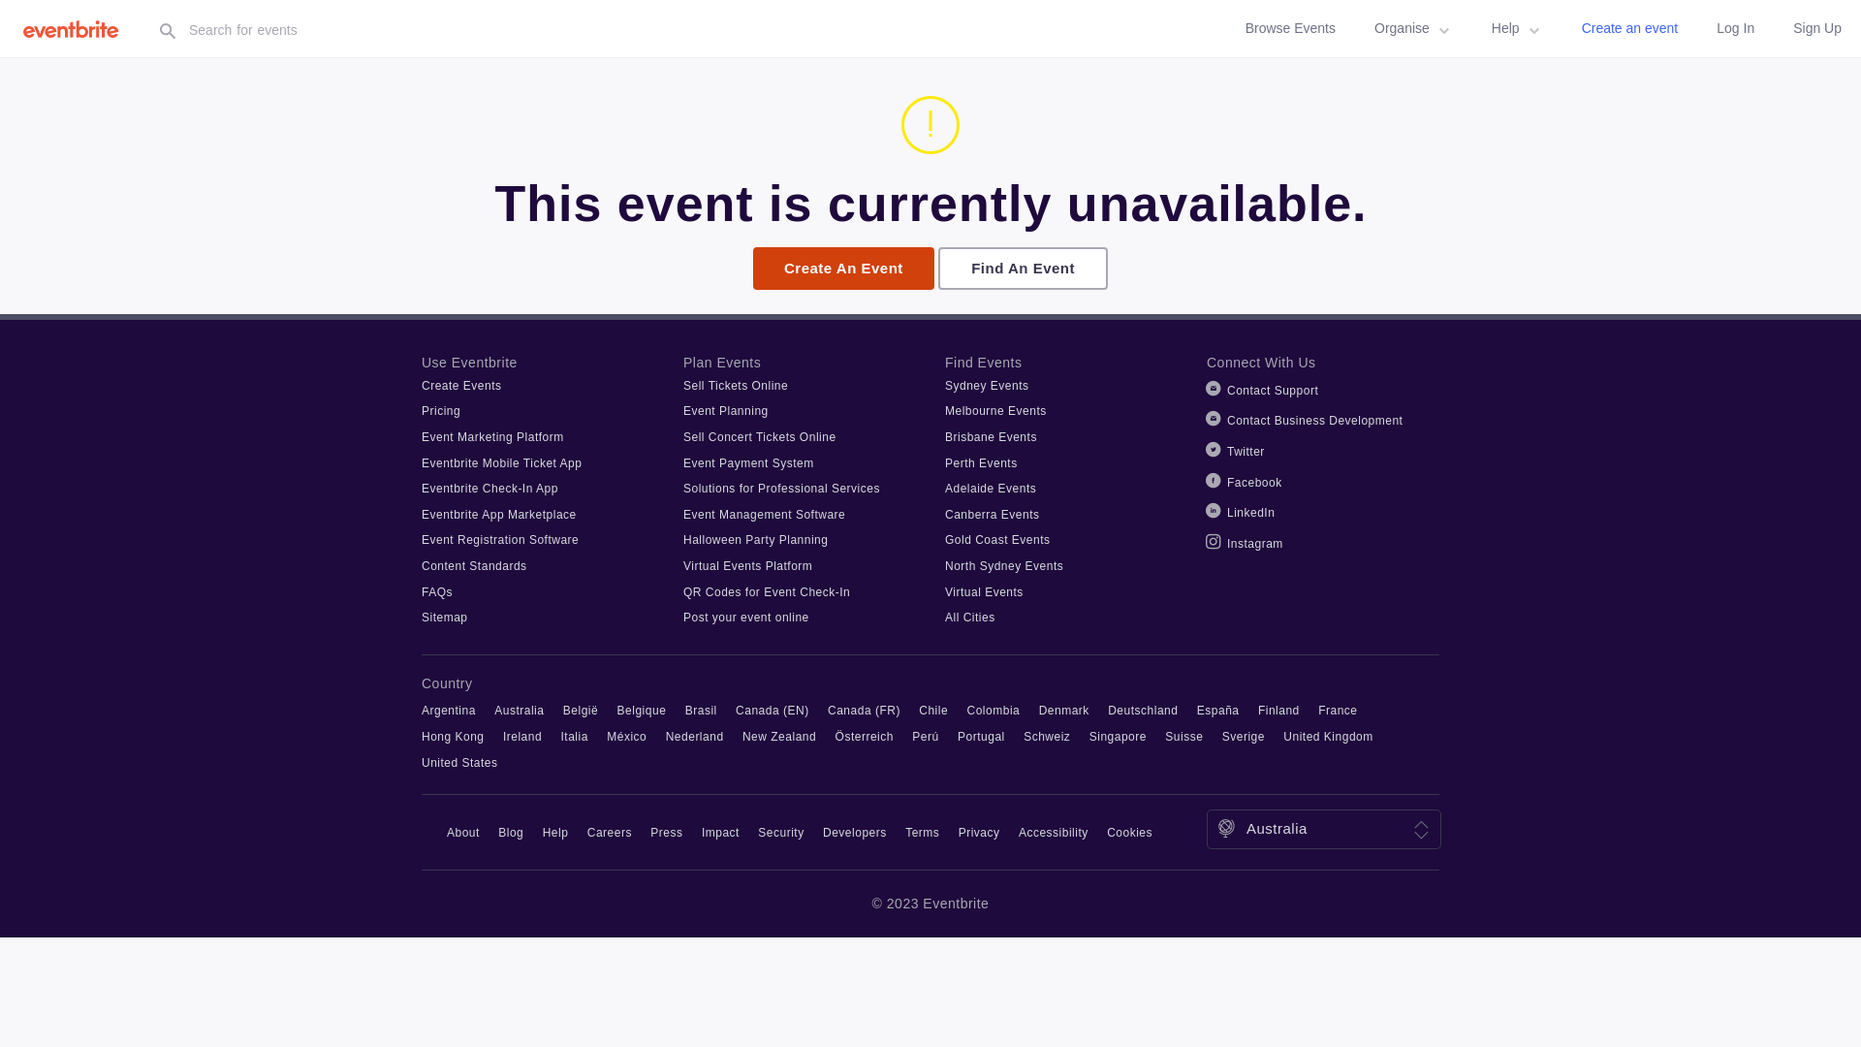 This screenshot has height=1047, width=1861. What do you see at coordinates (863, 710) in the screenshot?
I see `'Canada (FR)'` at bounding box center [863, 710].